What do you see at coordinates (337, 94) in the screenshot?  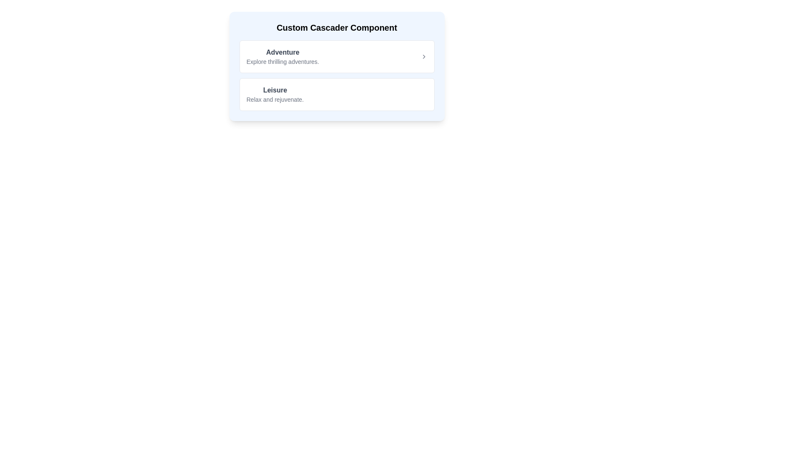 I see `the second Option card in the vertical stack that provides information about leisure activities, located below the 'Adventure' card` at bounding box center [337, 94].